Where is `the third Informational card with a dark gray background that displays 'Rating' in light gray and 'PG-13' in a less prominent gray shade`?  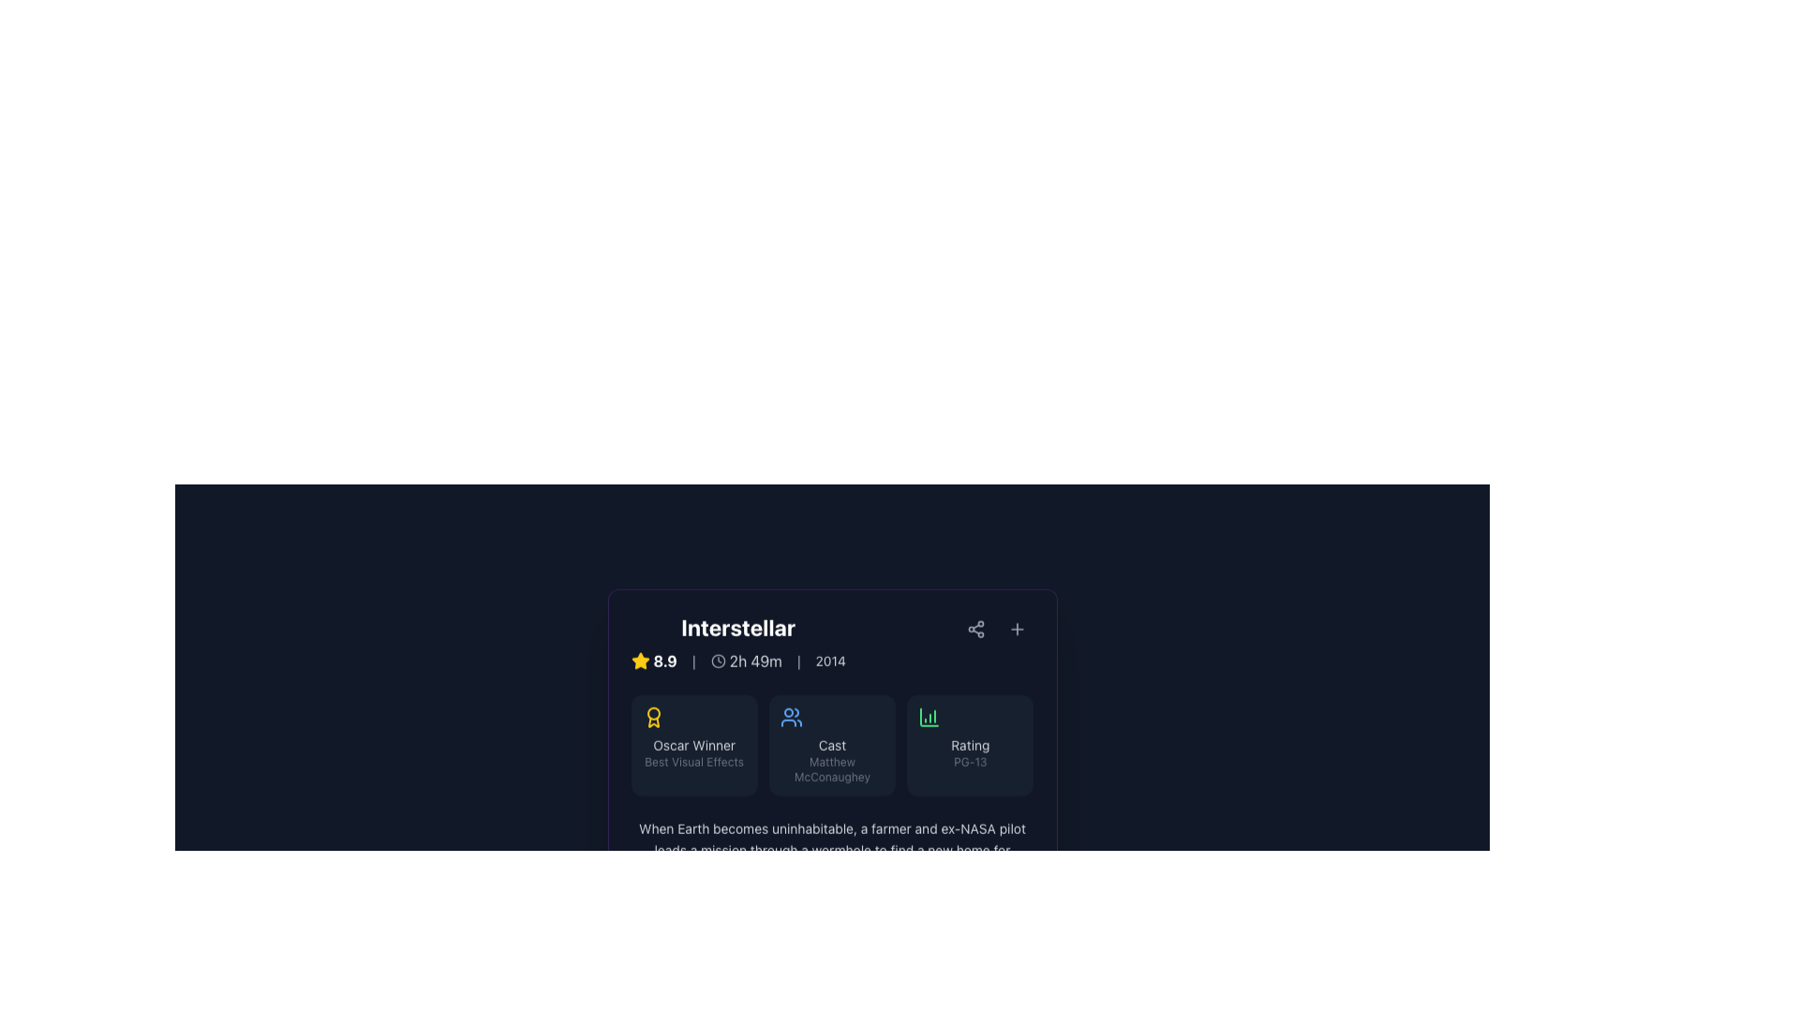 the third Informational card with a dark gray background that displays 'Rating' in light gray and 'PG-13' in a less prominent gray shade is located at coordinates (970, 744).